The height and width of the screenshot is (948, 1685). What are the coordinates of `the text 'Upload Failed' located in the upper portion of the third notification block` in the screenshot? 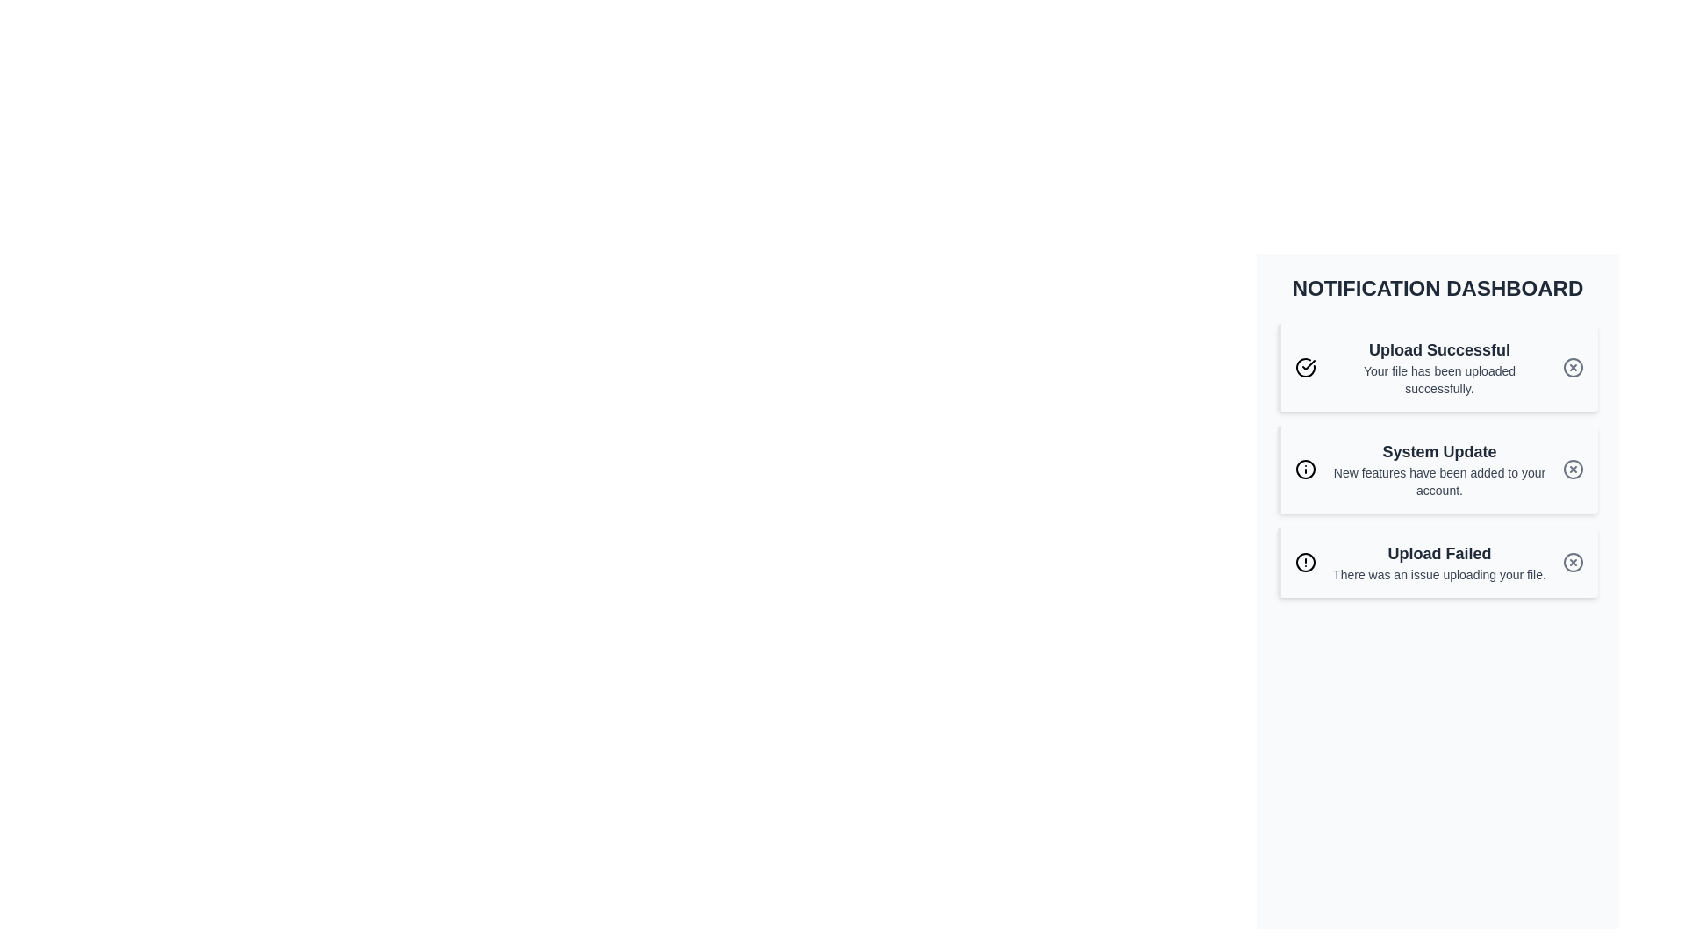 It's located at (1439, 554).